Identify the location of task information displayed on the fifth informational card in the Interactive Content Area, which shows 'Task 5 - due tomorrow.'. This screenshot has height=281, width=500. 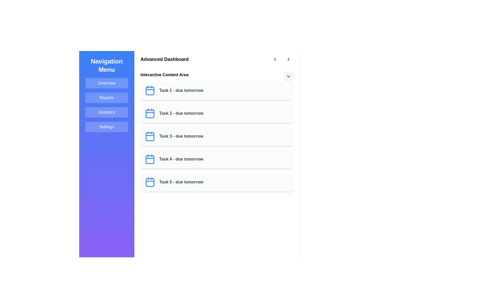
(217, 182).